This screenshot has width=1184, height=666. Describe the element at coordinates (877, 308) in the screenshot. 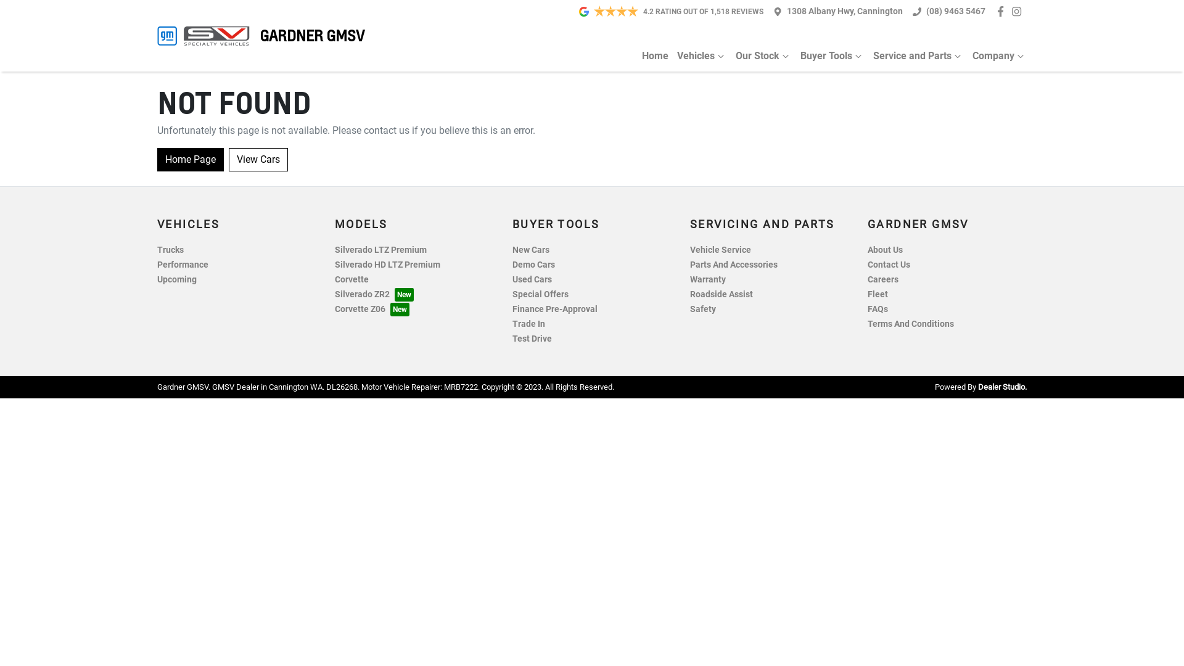

I see `'FAQs'` at that location.